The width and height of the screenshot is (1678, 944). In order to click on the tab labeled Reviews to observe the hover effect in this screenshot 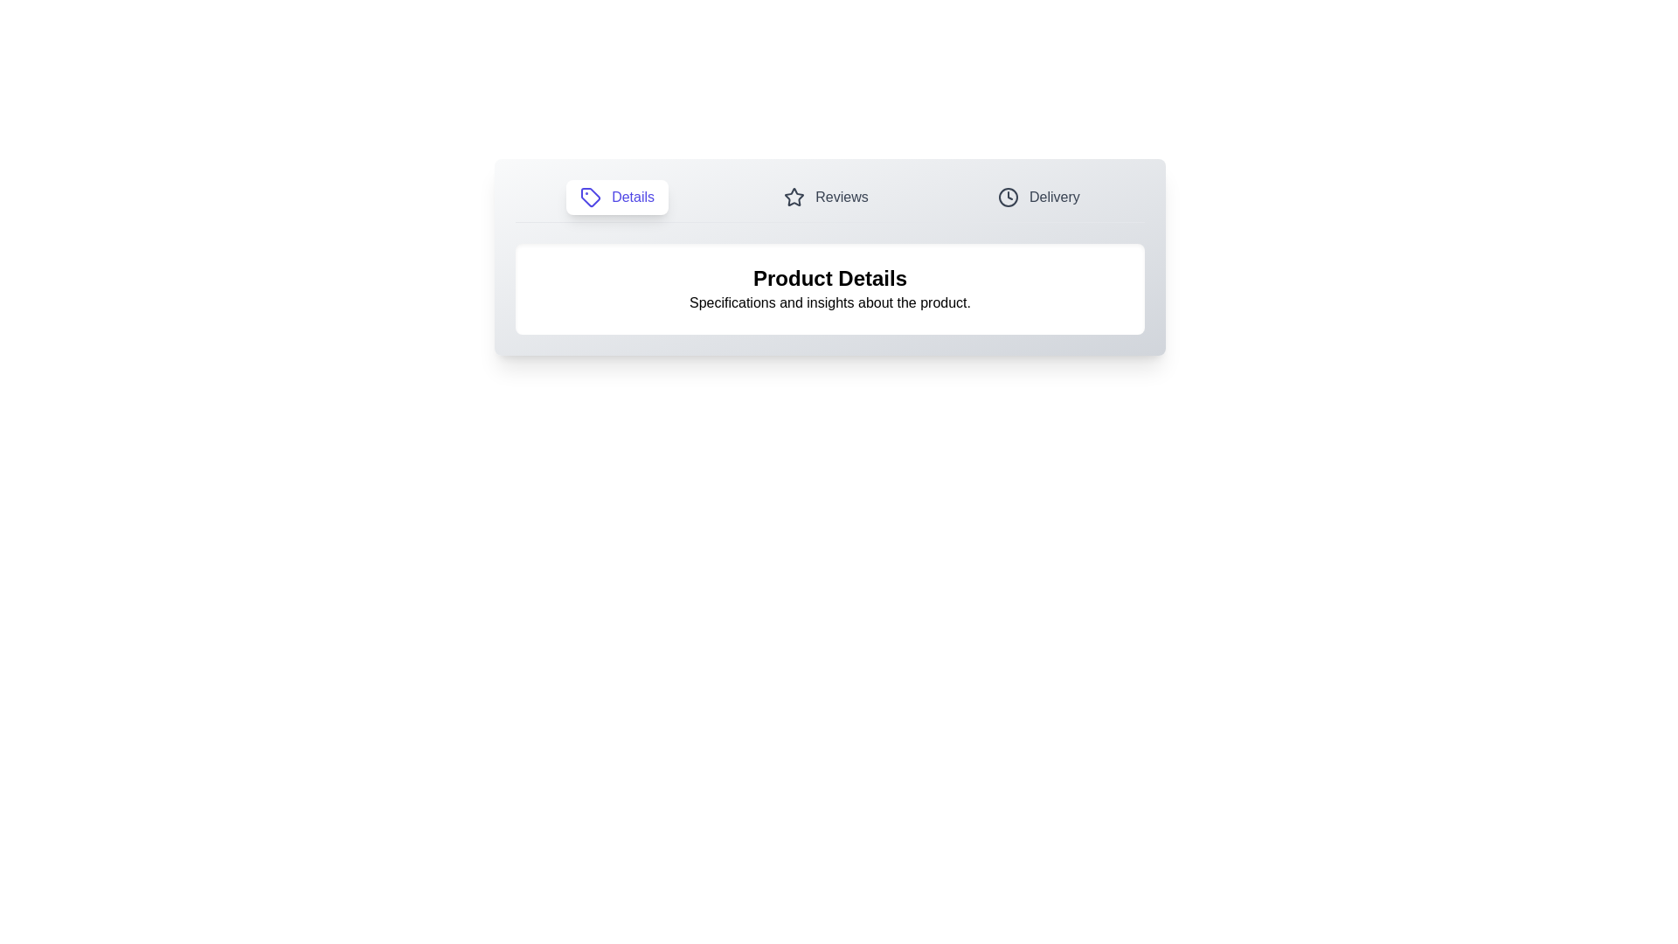, I will do `click(825, 197)`.